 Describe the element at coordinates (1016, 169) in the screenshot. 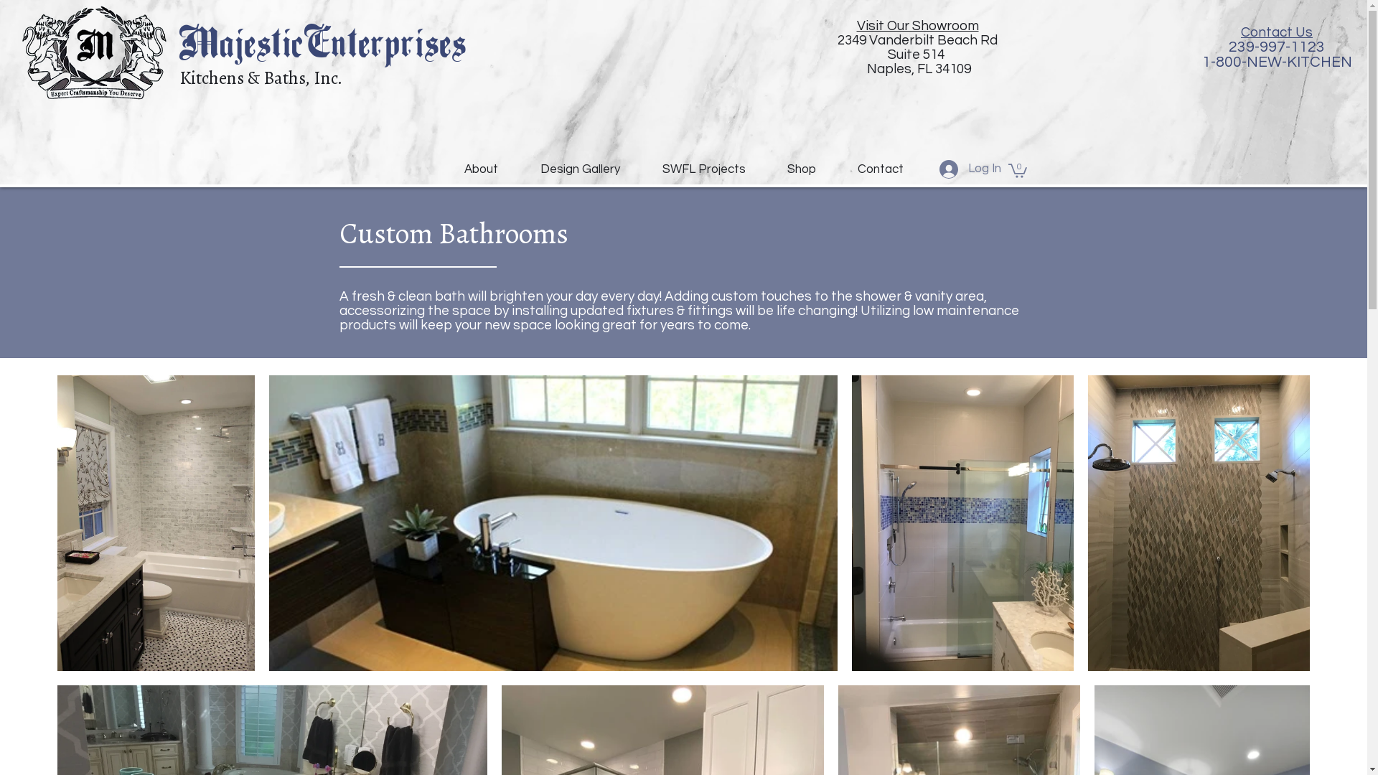

I see `'0'` at that location.